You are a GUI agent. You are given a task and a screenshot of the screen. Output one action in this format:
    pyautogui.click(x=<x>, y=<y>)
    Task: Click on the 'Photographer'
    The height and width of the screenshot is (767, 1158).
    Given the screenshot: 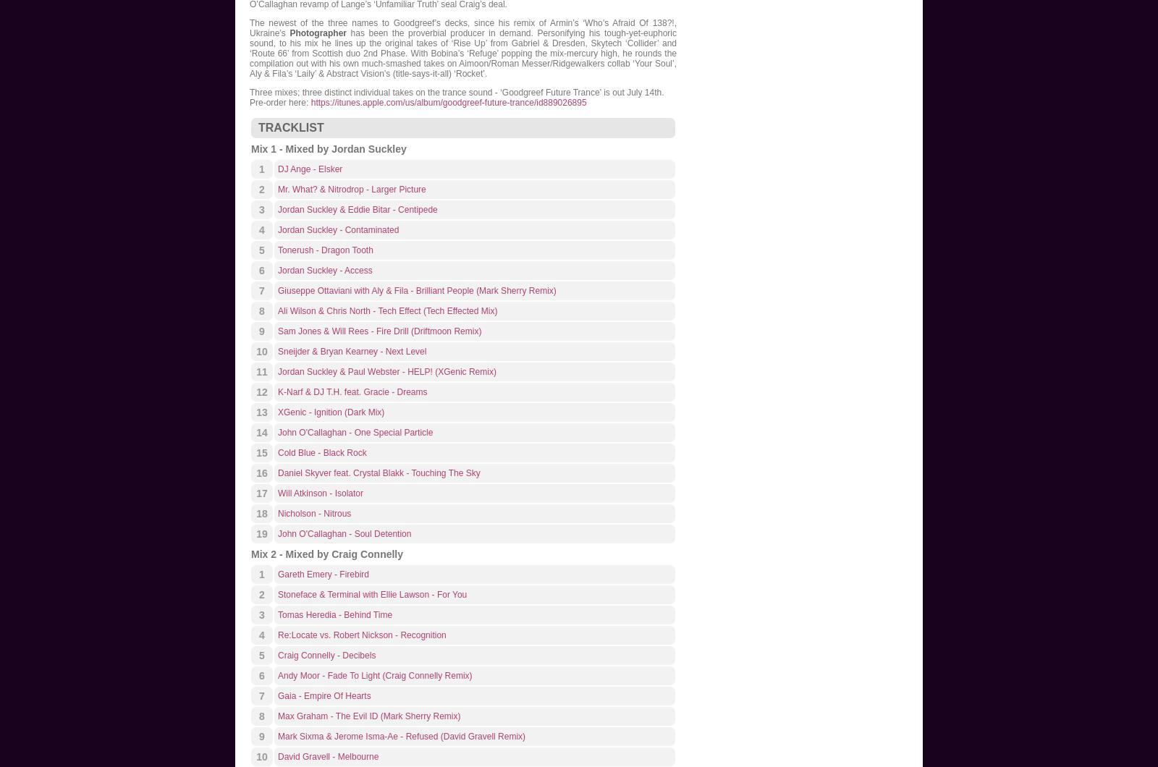 What is the action you would take?
    pyautogui.click(x=317, y=33)
    